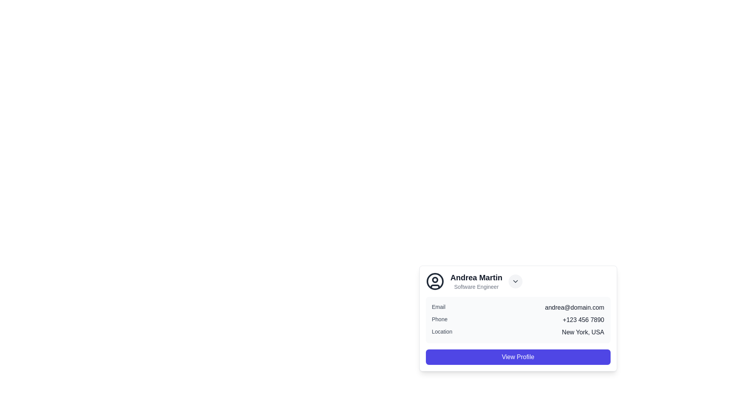 Image resolution: width=742 pixels, height=417 pixels. I want to click on the circular SVG component representing the user profile icon located at the top-left corner of the profile card, so click(435, 281).